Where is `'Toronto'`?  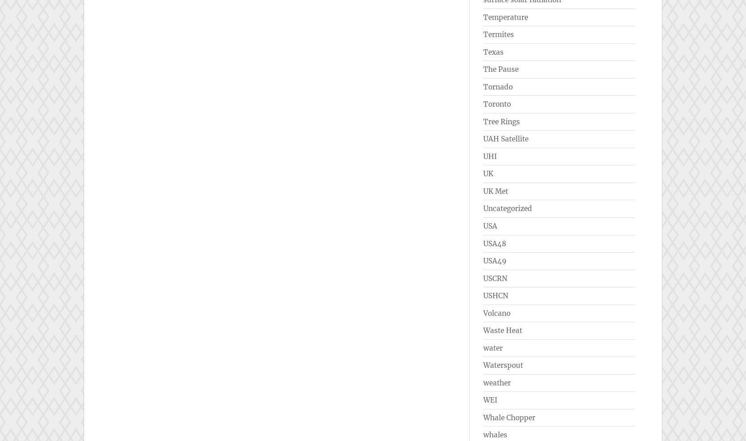
'Toronto' is located at coordinates (497, 103).